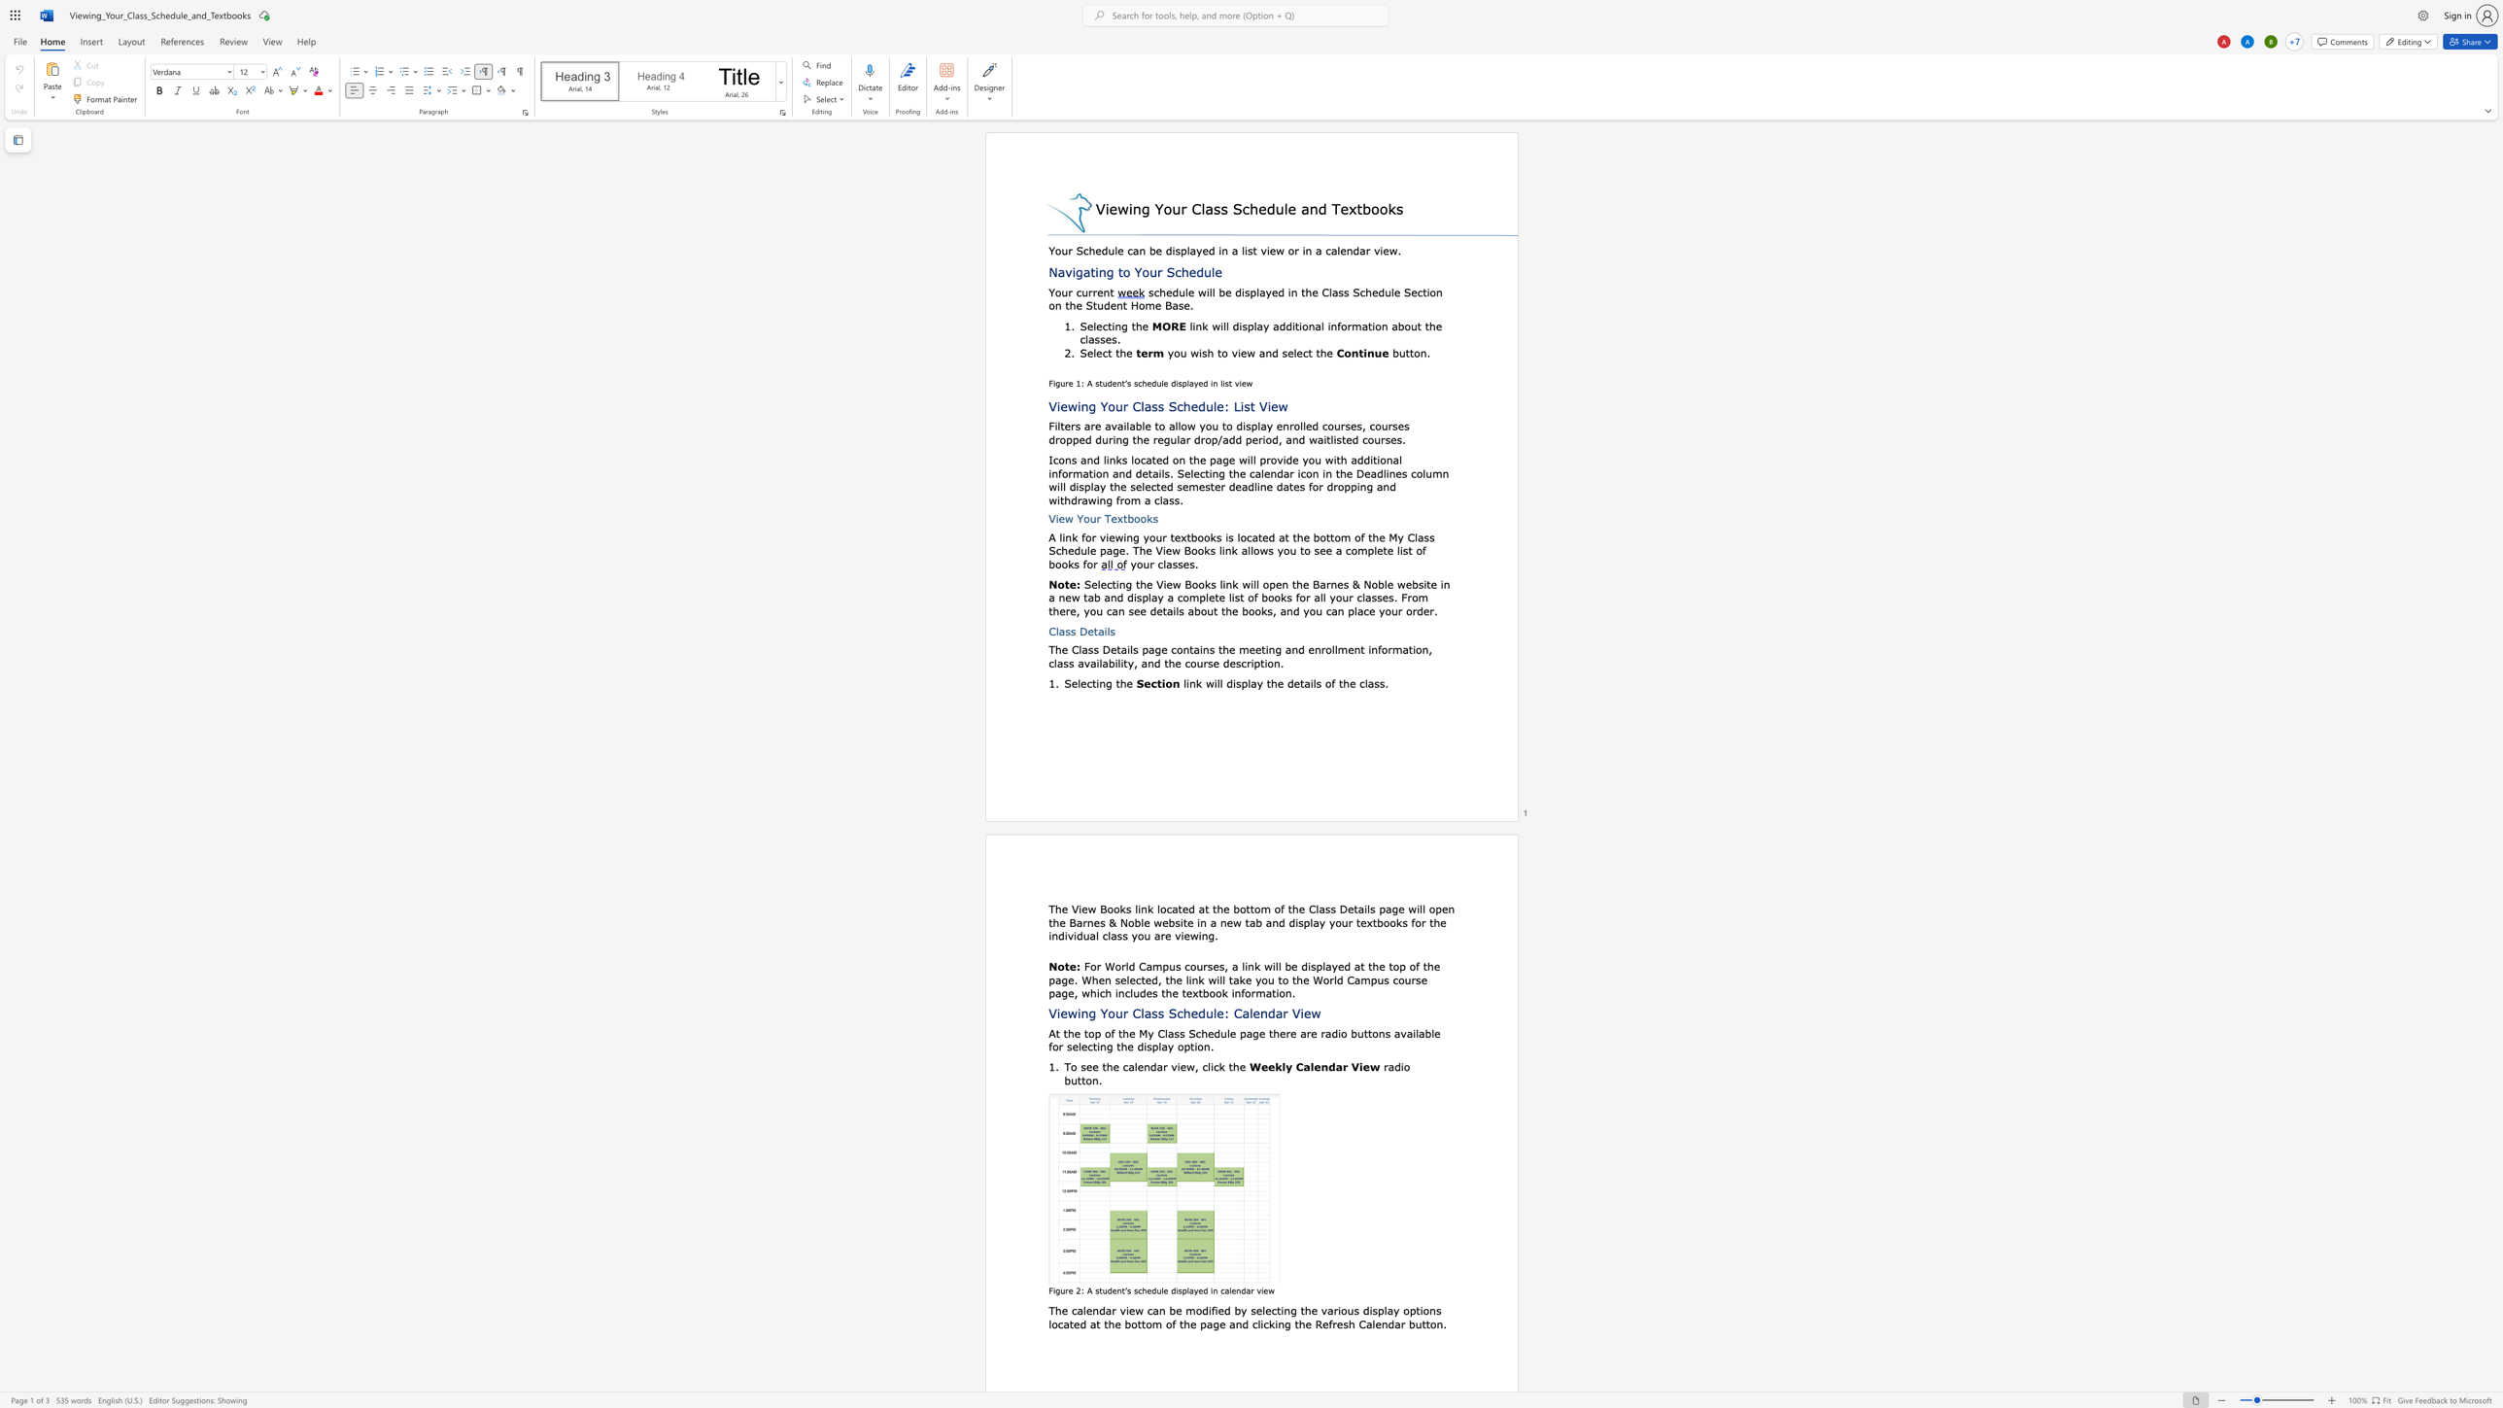  What do you see at coordinates (1174, 427) in the screenshot?
I see `the space between the continuous character "a" and "l" in the text` at bounding box center [1174, 427].